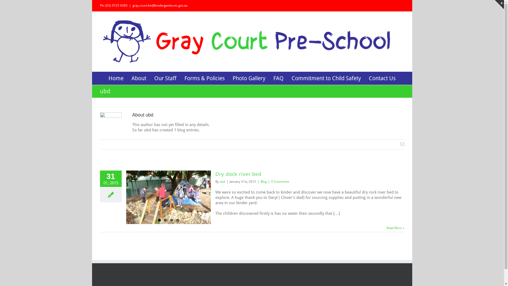  What do you see at coordinates (263, 181) in the screenshot?
I see `'Blog'` at bounding box center [263, 181].